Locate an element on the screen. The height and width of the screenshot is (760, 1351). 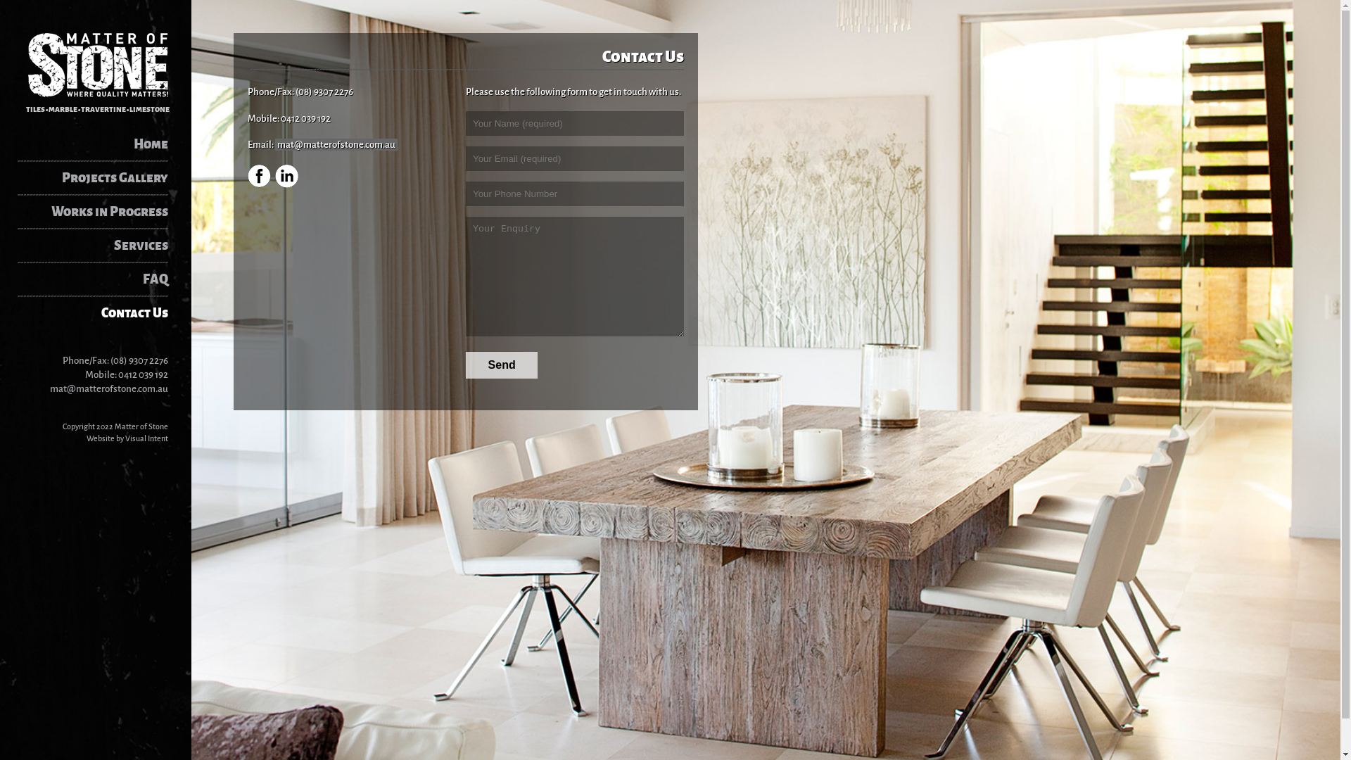
'Send' is located at coordinates (502, 365).